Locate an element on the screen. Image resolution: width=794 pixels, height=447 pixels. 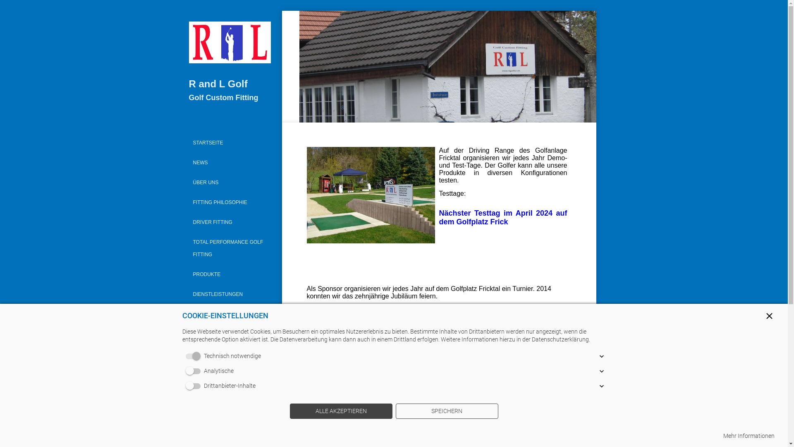
'DRIVER FITTING' is located at coordinates (230, 221).